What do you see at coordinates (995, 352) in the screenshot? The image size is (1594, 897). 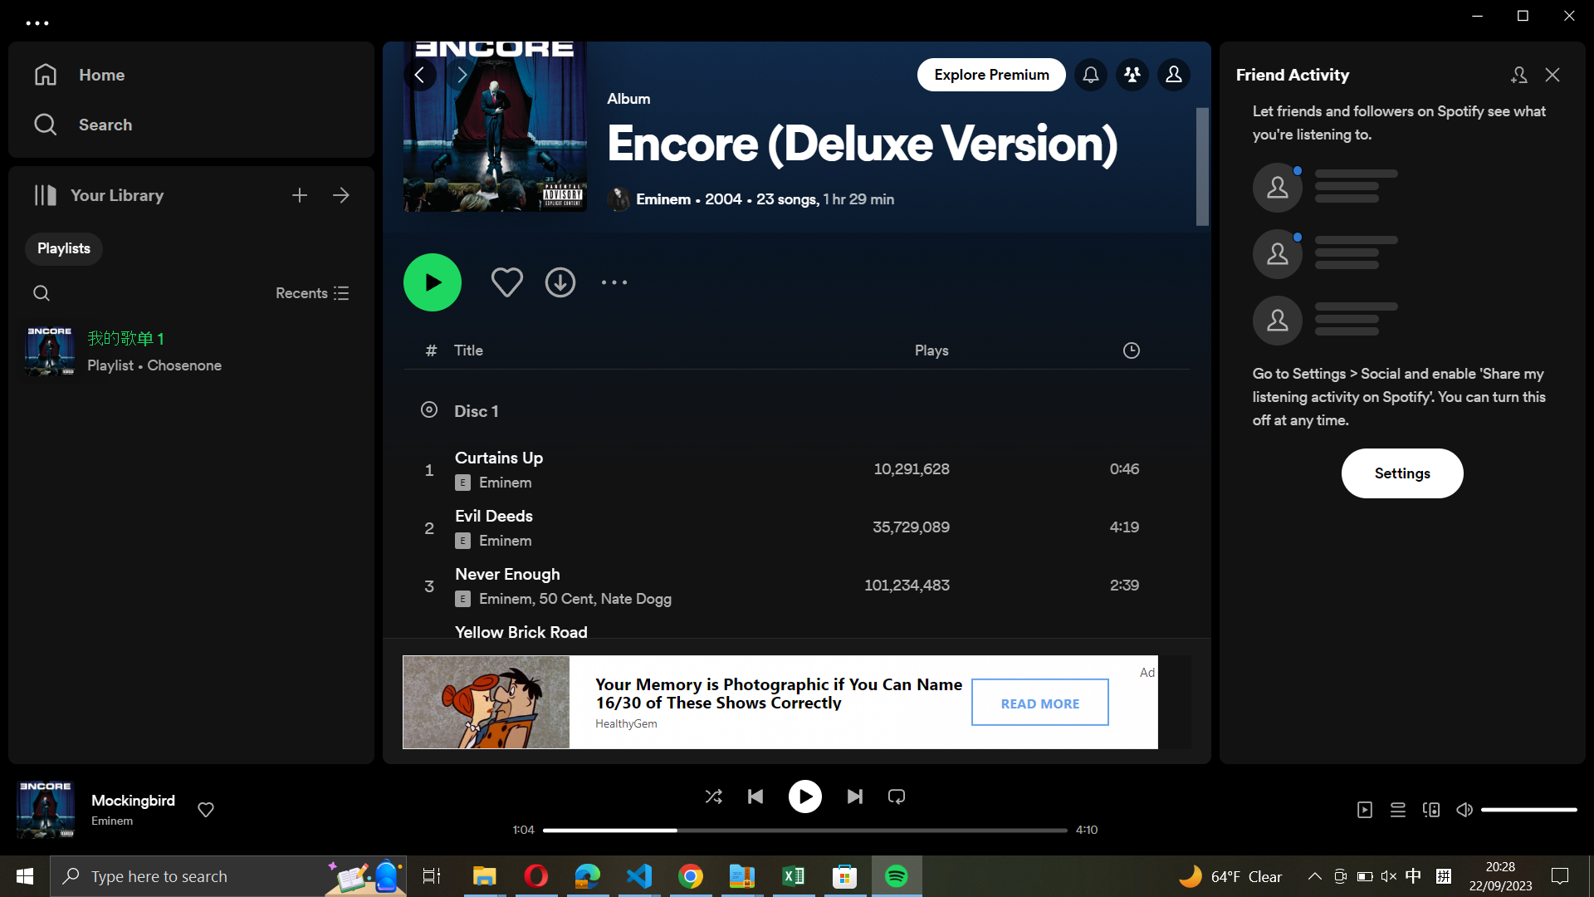 I see `Arrange the playlist in accordance with the number of plays` at bounding box center [995, 352].